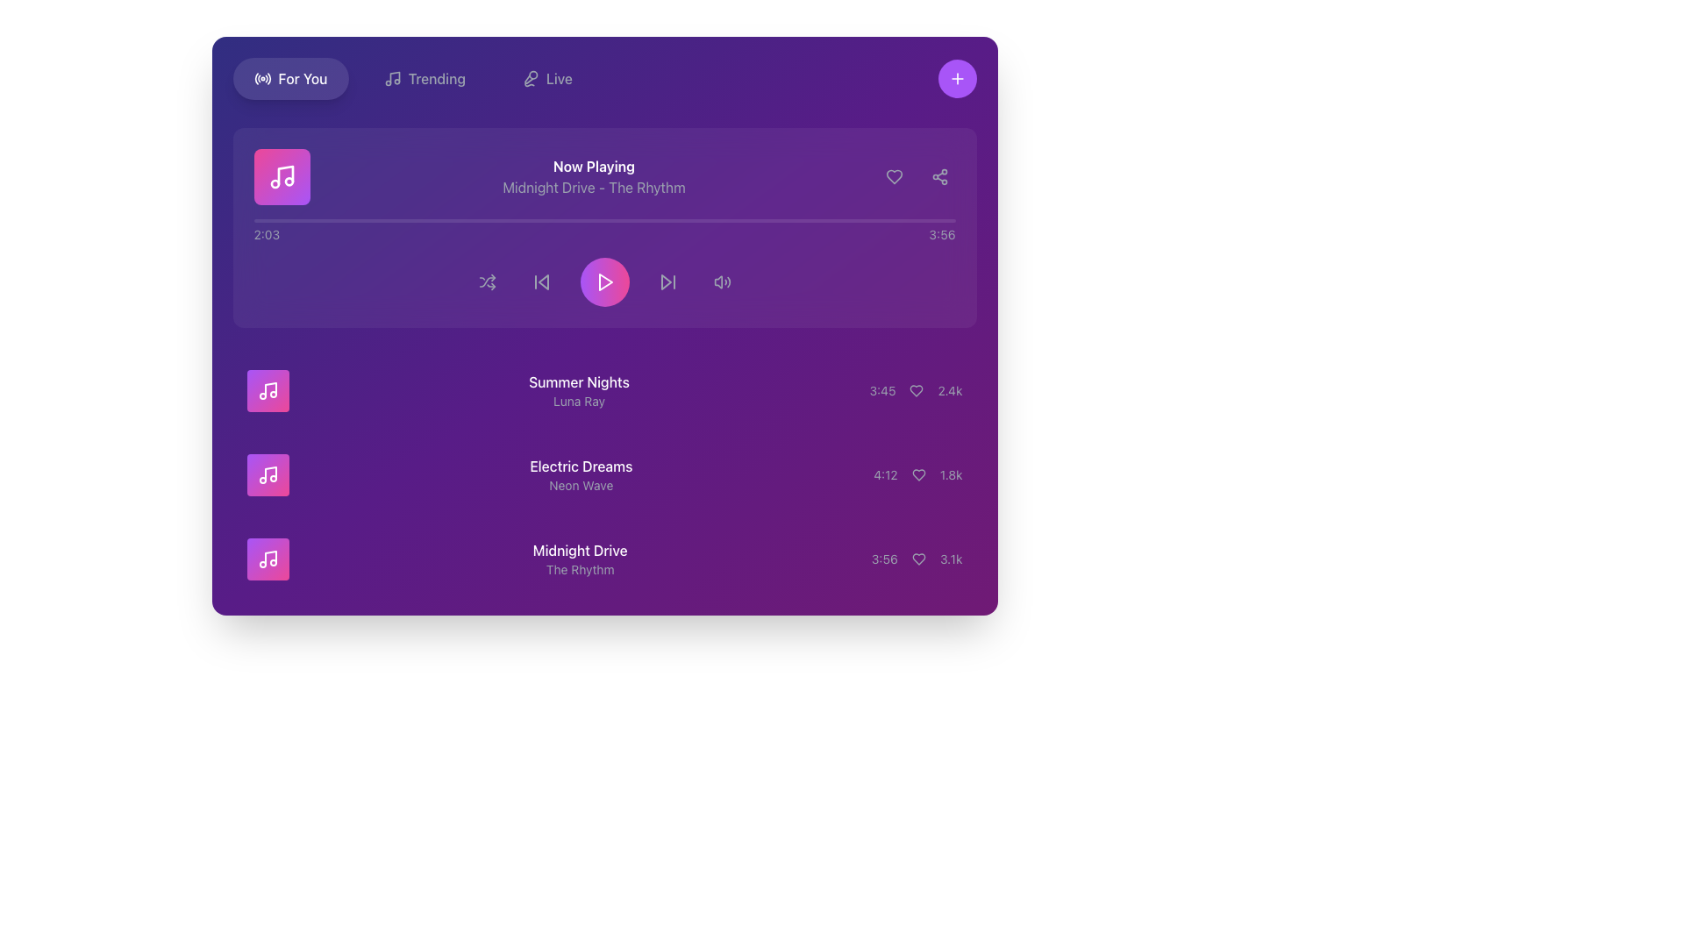  I want to click on keyboard focus, so click(722, 281).